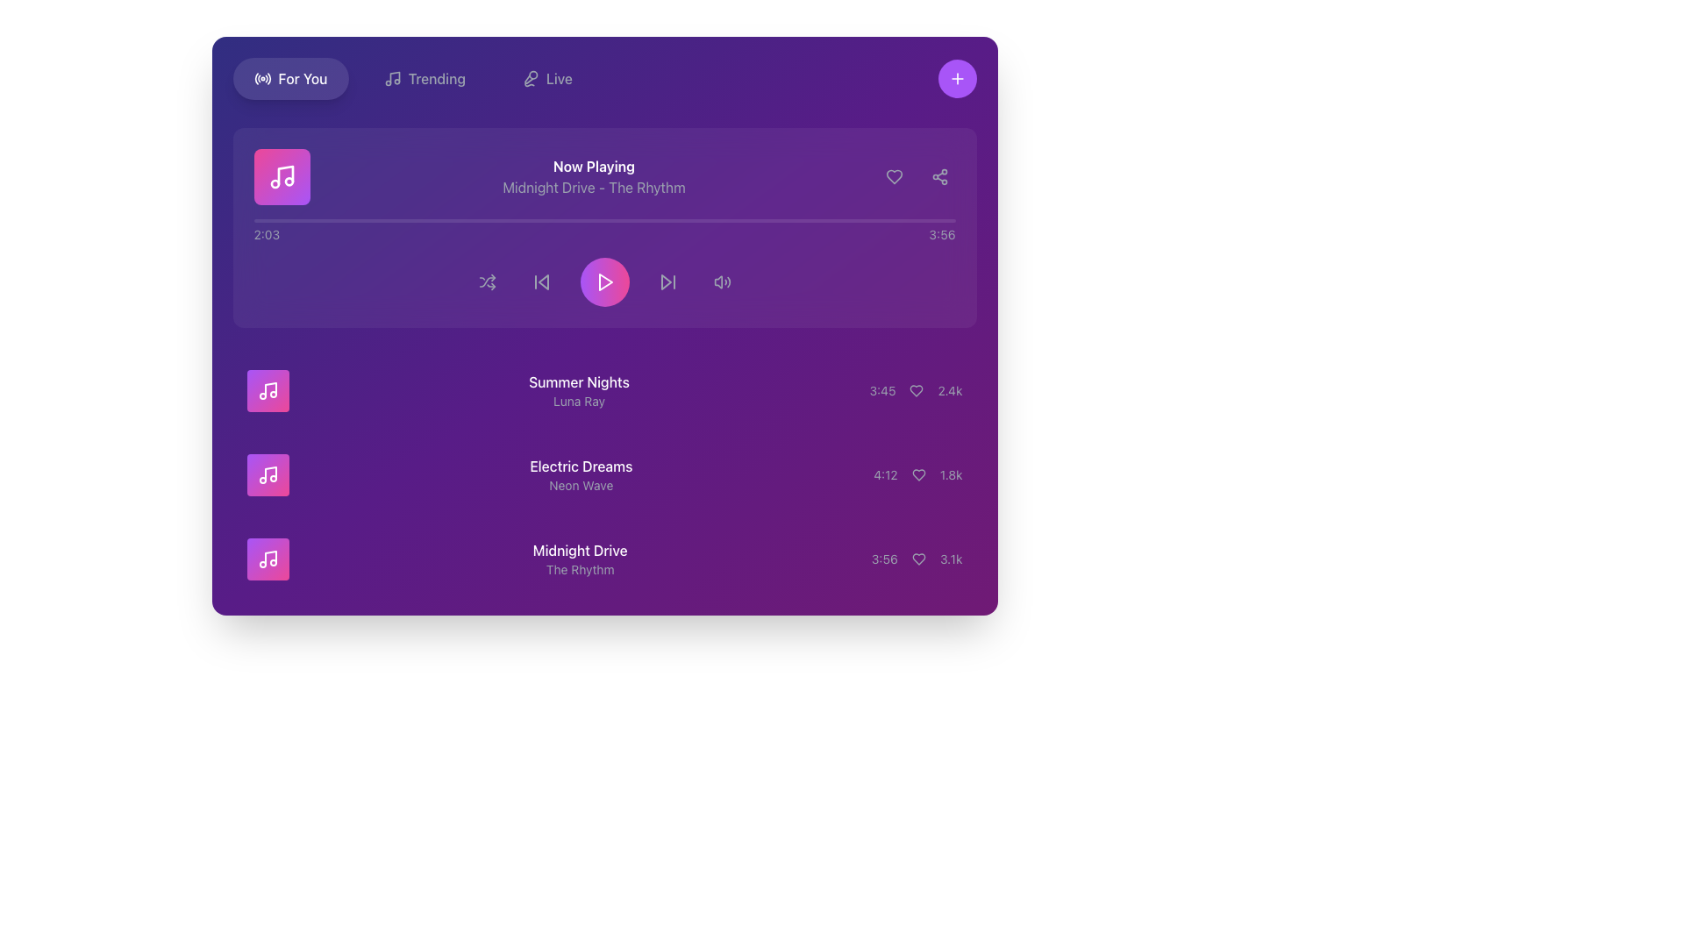  I want to click on keyboard focus, so click(722, 281).